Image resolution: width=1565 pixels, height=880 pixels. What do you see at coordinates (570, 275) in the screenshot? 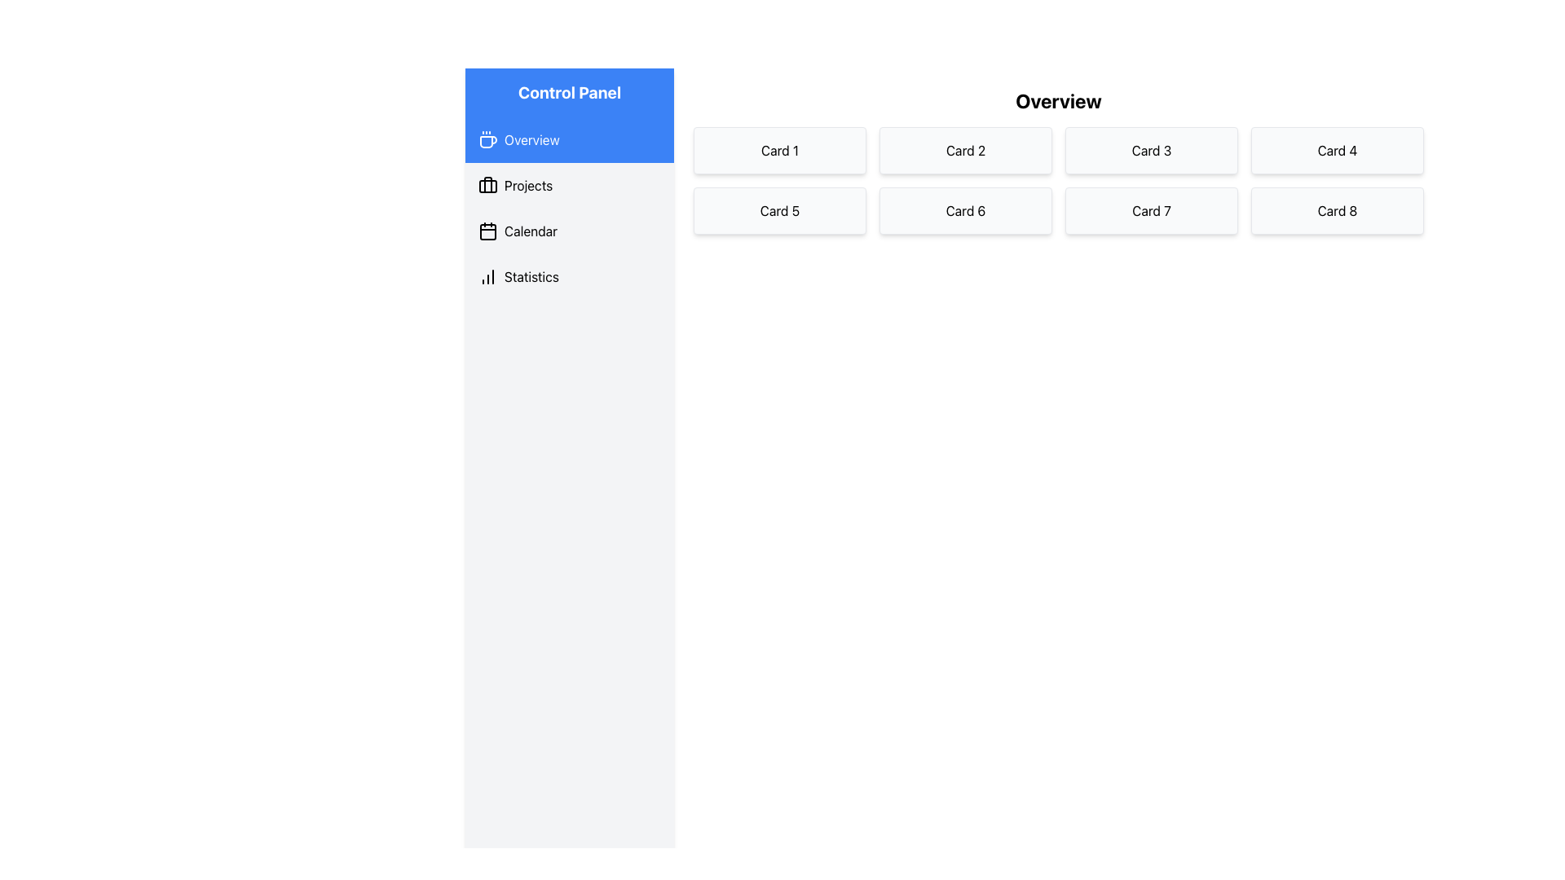
I see `the 'Statistics' navigation button located in the sidebar, which is the fourth button in a vertical list` at bounding box center [570, 275].